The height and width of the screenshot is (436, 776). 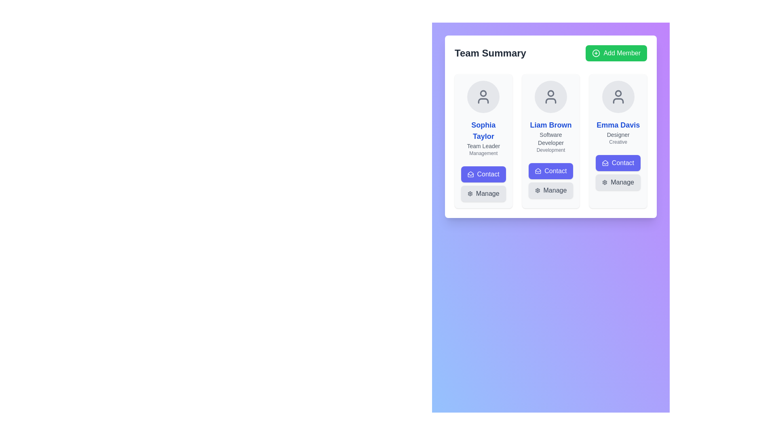 I want to click on the mail icon with an open envelope, which is styled with a purple background and located to the left of the 'Contact' label in the button, so click(x=470, y=174).